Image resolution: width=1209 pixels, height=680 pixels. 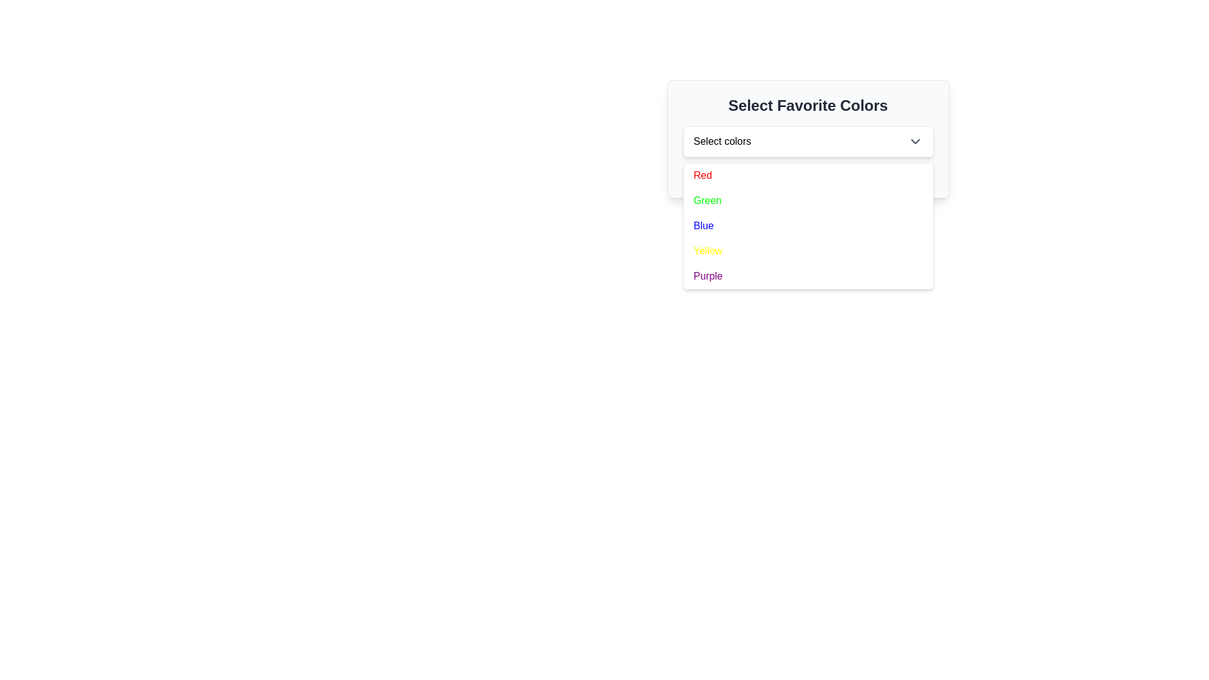 What do you see at coordinates (702, 175) in the screenshot?
I see `the 'Red' color option in the dropdown menu, which is the first item below the 'Select colors' prompt` at bounding box center [702, 175].